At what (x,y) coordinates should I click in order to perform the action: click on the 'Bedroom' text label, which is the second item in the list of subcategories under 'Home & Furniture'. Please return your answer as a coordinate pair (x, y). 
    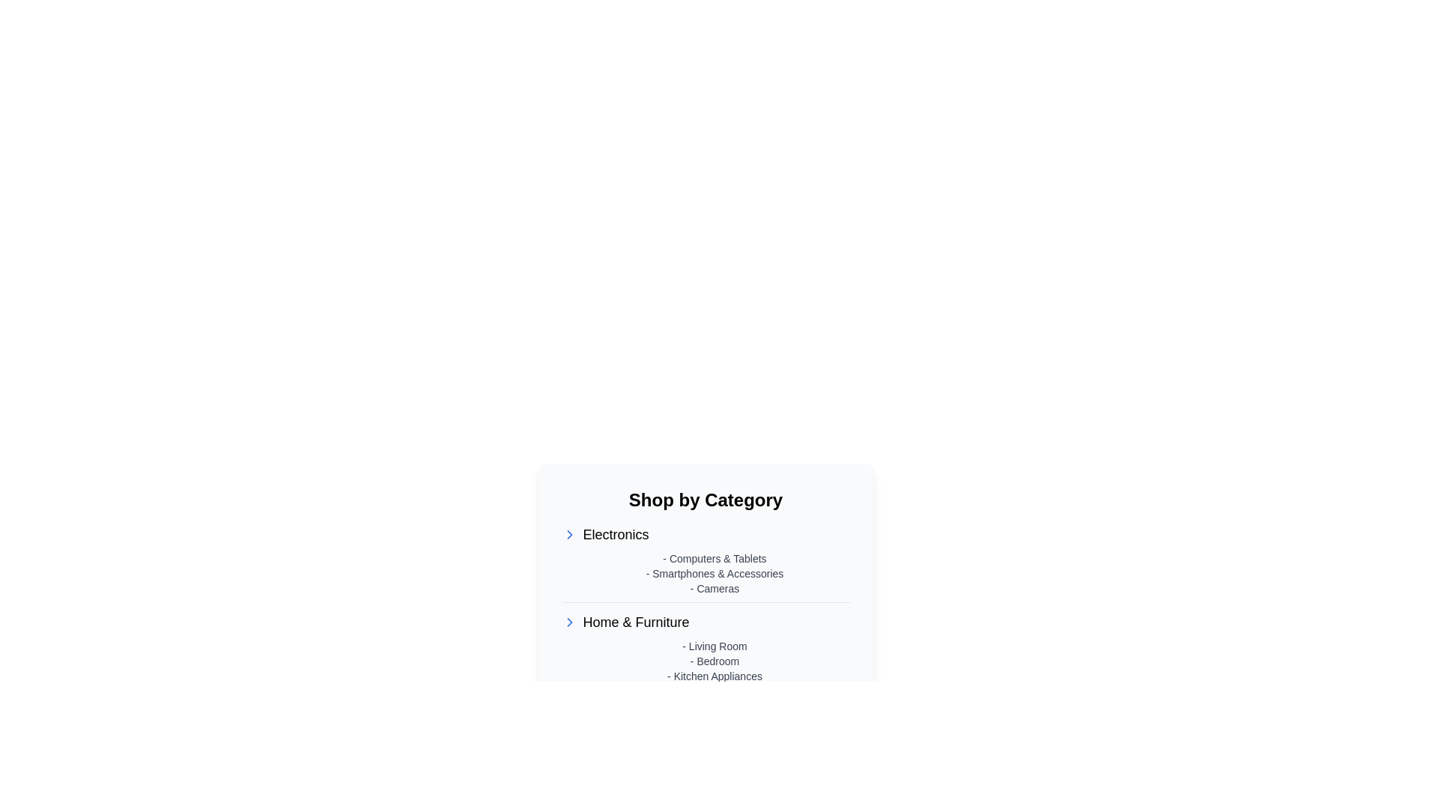
    Looking at the image, I should click on (714, 661).